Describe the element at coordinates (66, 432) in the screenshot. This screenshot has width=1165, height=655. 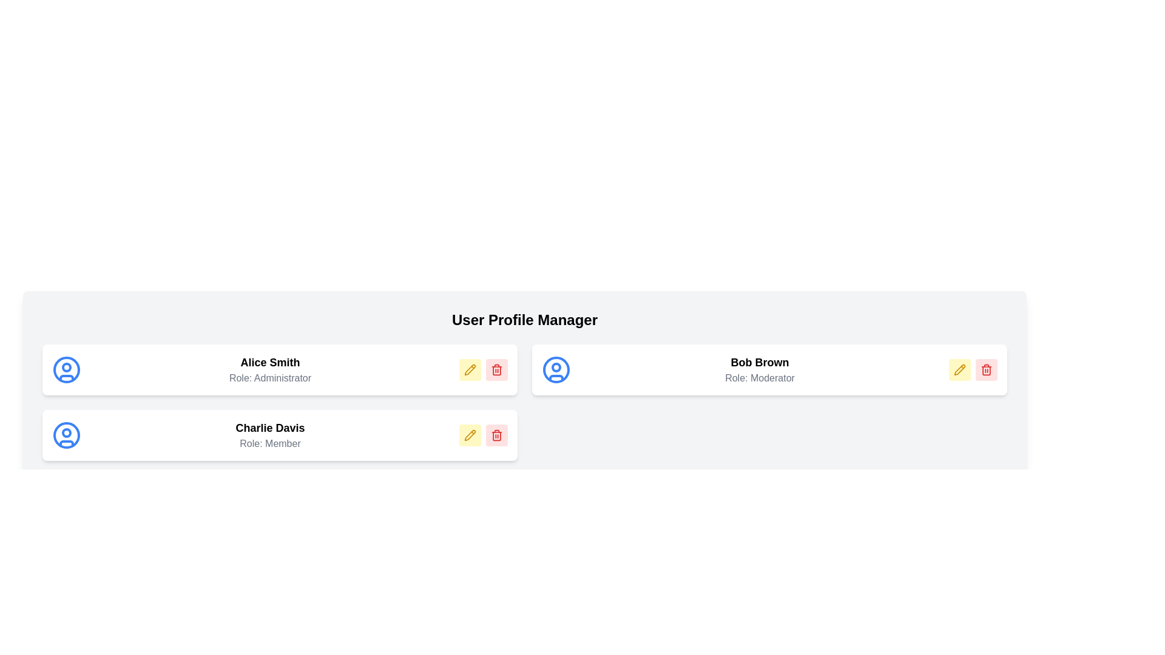
I see `the small circular graphic with a blue outline and white fill, representing the user profile of Charlie Davis, located in the central part of the user icon` at that location.